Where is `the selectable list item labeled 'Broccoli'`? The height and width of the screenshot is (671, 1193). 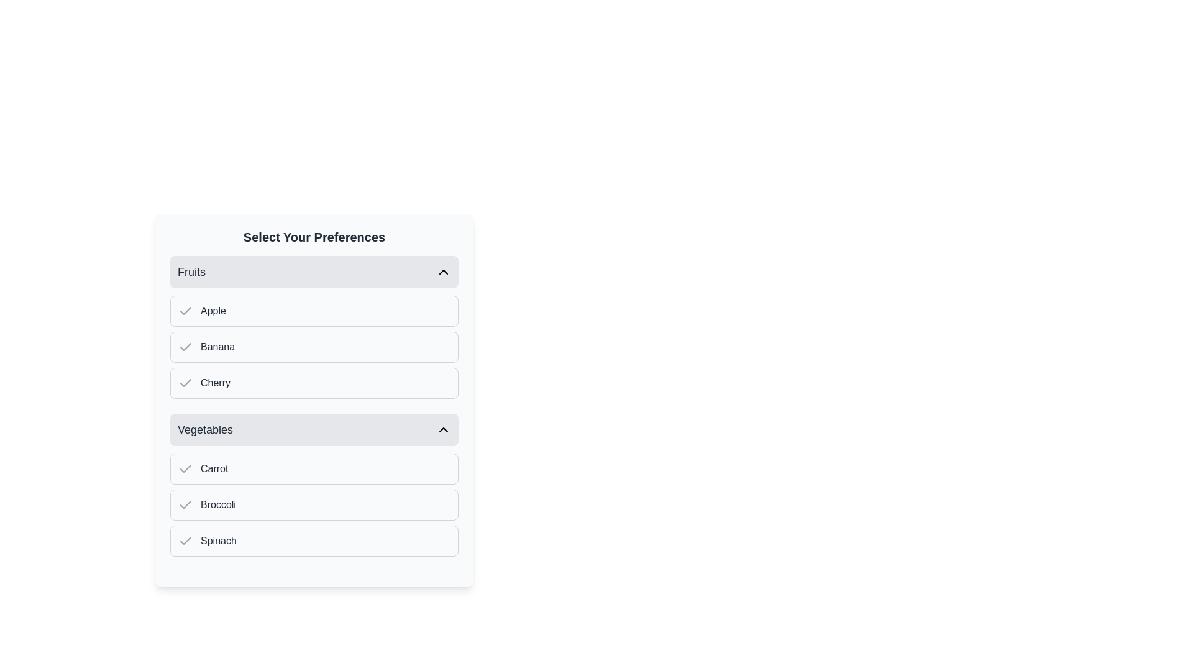
the selectable list item labeled 'Broccoli' is located at coordinates (314, 505).